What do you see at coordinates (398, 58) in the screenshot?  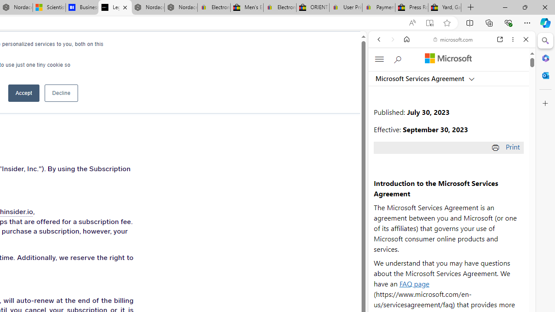 I see `'Search Microsoft.com'` at bounding box center [398, 58].